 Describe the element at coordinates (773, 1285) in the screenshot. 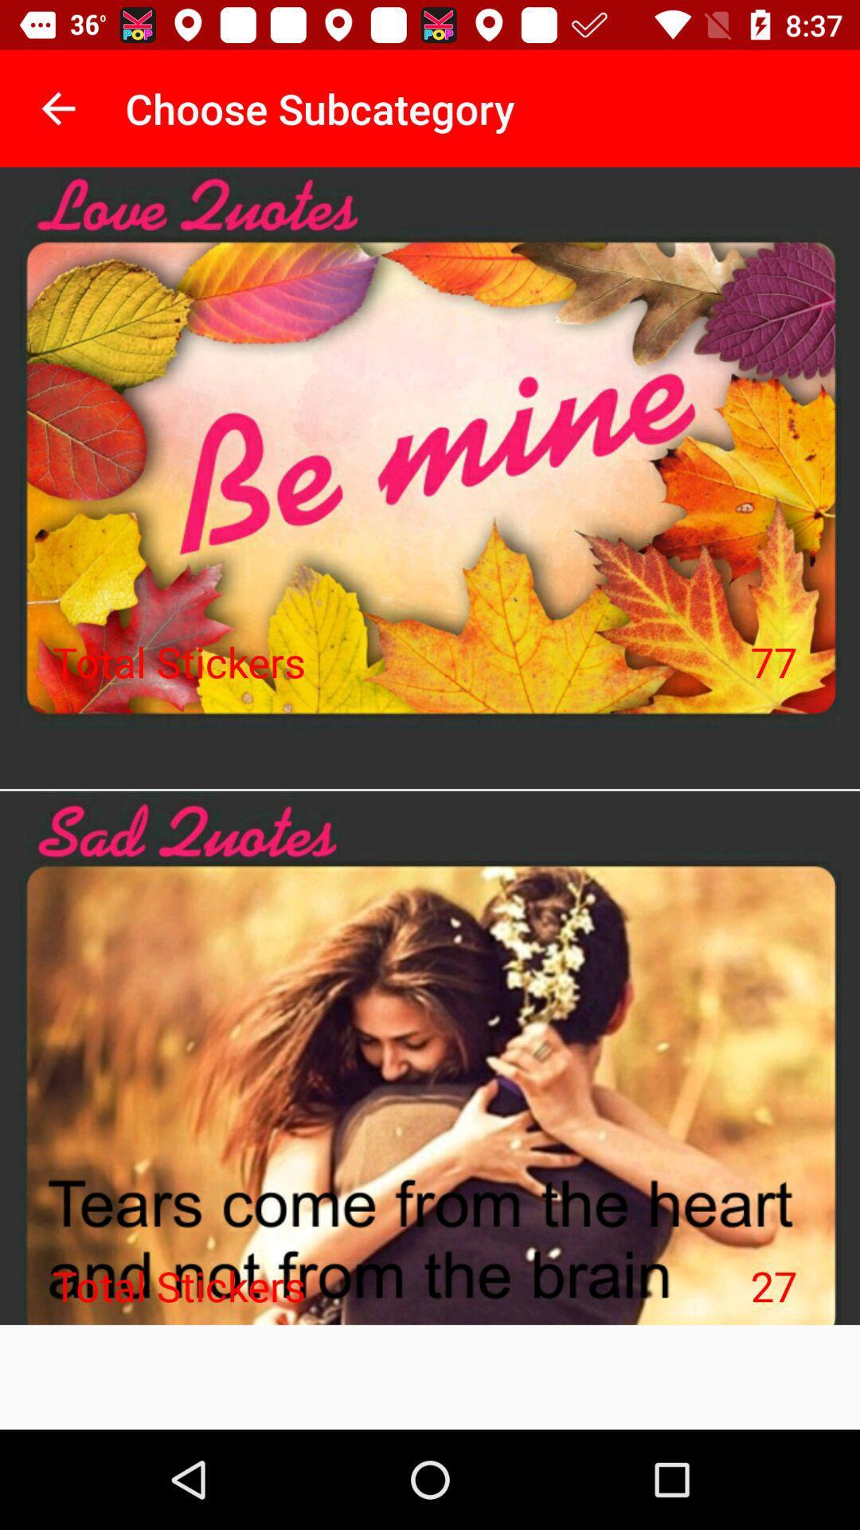

I see `icon to the right of the total stickers` at that location.